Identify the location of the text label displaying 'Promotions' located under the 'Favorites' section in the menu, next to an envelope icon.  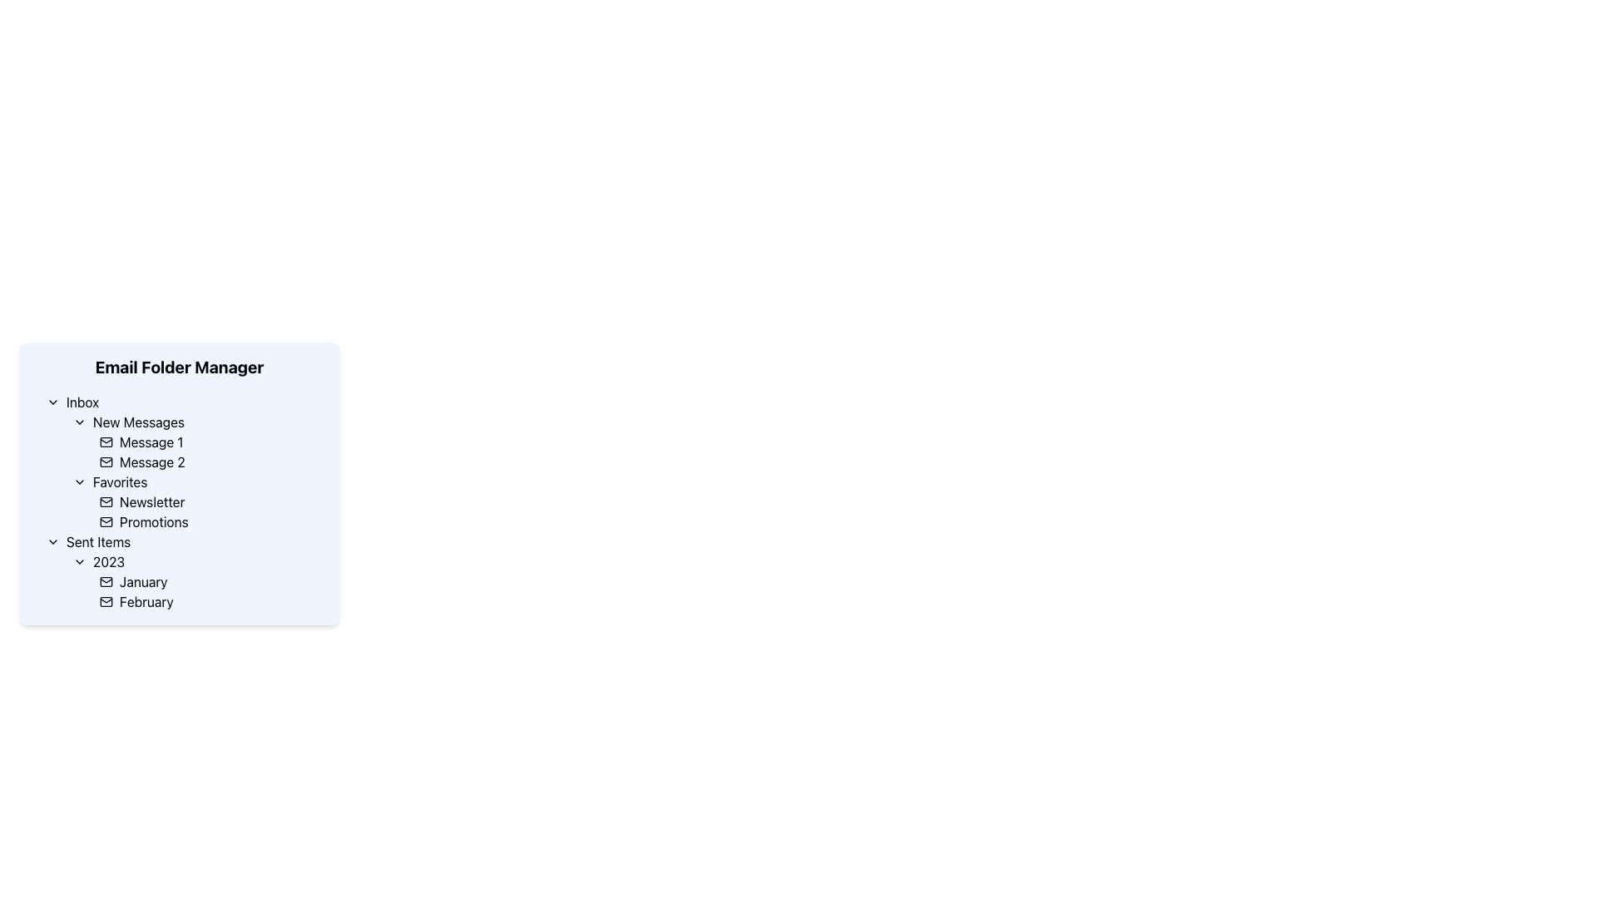
(154, 521).